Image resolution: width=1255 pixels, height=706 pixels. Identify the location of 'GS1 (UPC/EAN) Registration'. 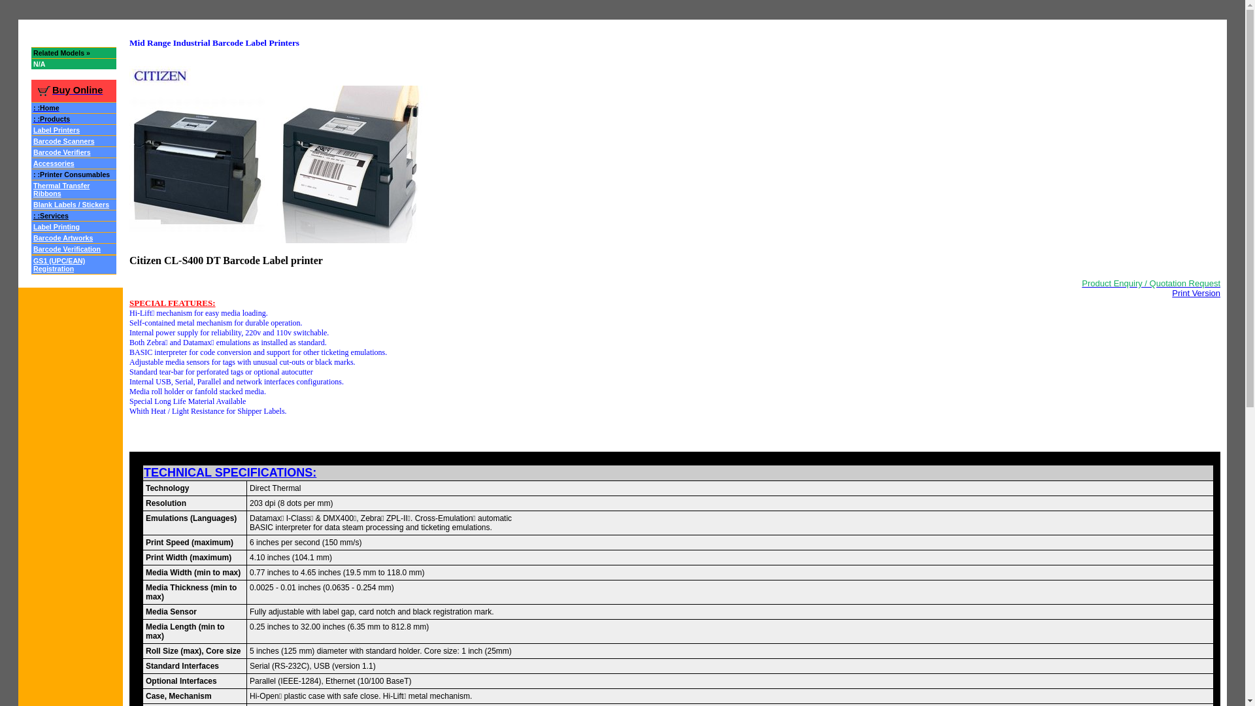
(58, 263).